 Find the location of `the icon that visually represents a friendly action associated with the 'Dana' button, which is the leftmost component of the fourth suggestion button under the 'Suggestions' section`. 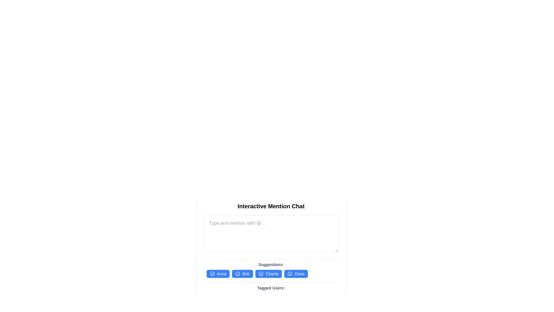

the icon that visually represents a friendly action associated with the 'Dana' button, which is the leftmost component of the fourth suggestion button under the 'Suggestions' section is located at coordinates (290, 274).